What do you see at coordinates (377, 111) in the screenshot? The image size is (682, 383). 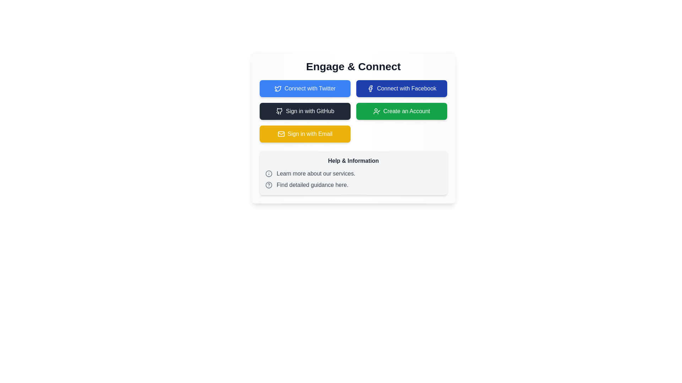 I see `the user account creation icon located to the left of the 'Create an Account' button in the fourth row under 'Engage & Connect'` at bounding box center [377, 111].